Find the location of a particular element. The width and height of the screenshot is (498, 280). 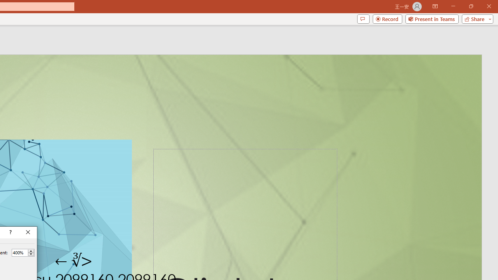

'Percent' is located at coordinates (23, 253).